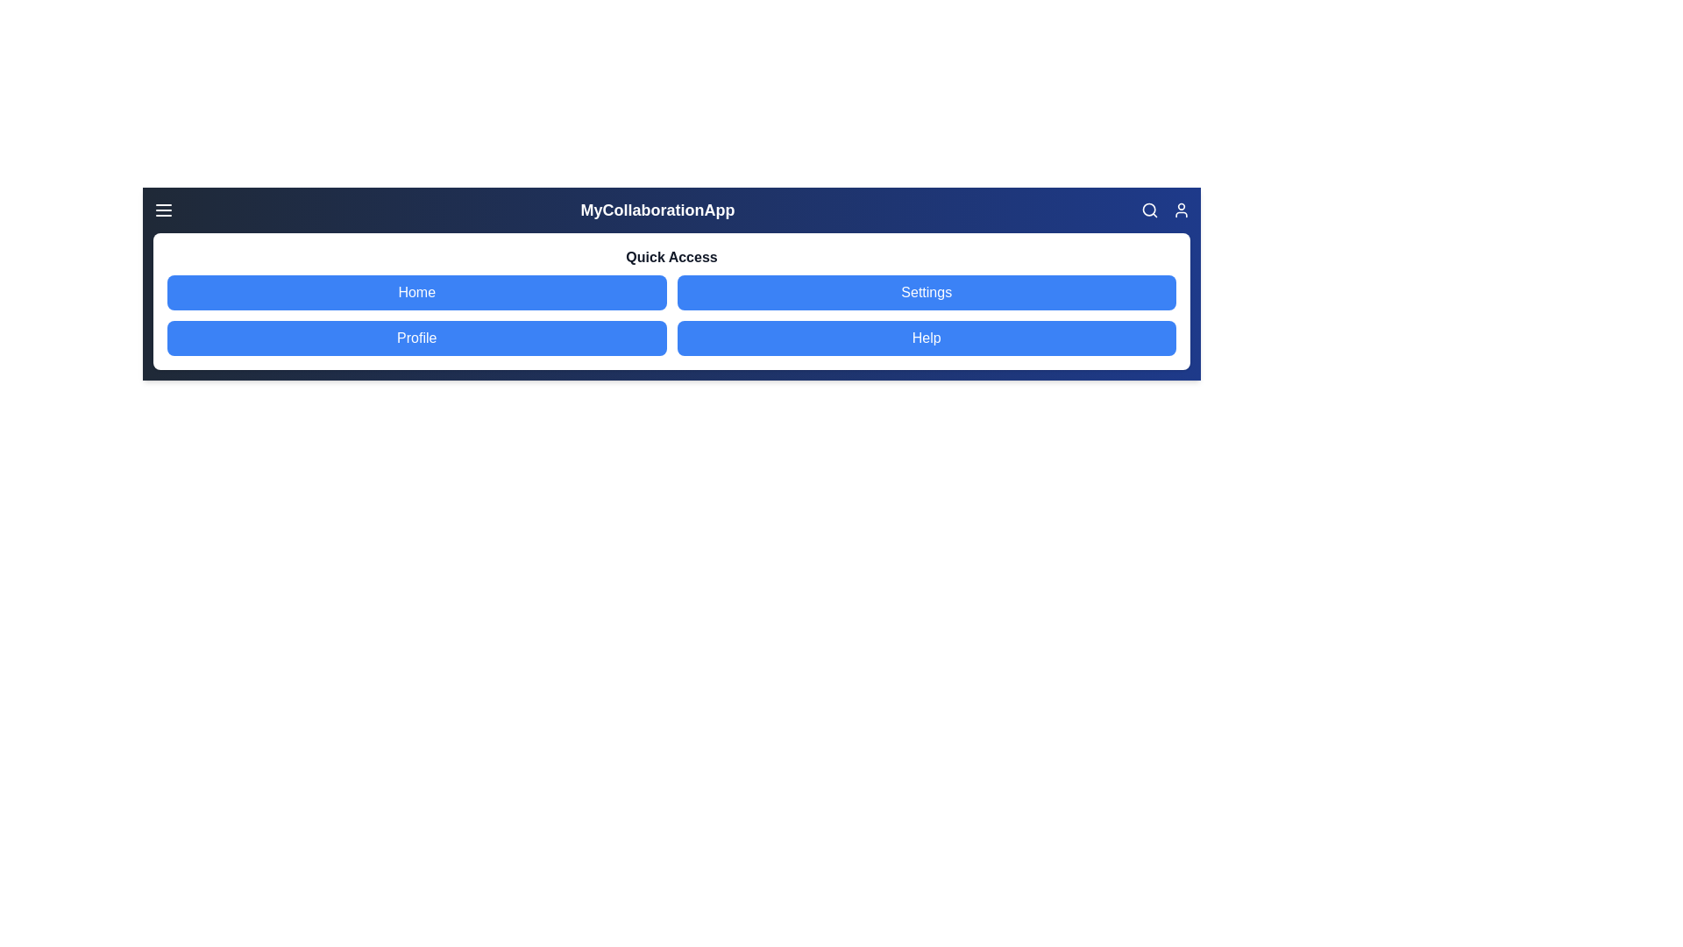  I want to click on the Help button in the quick access section, so click(926, 338).